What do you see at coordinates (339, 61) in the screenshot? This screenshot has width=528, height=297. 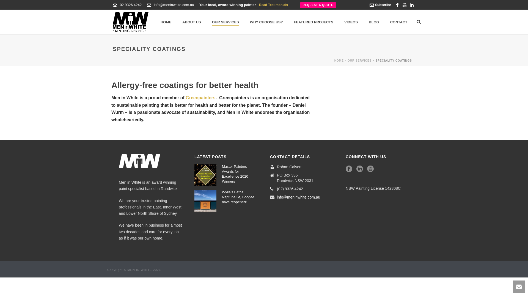 I see `'HOME'` at bounding box center [339, 61].